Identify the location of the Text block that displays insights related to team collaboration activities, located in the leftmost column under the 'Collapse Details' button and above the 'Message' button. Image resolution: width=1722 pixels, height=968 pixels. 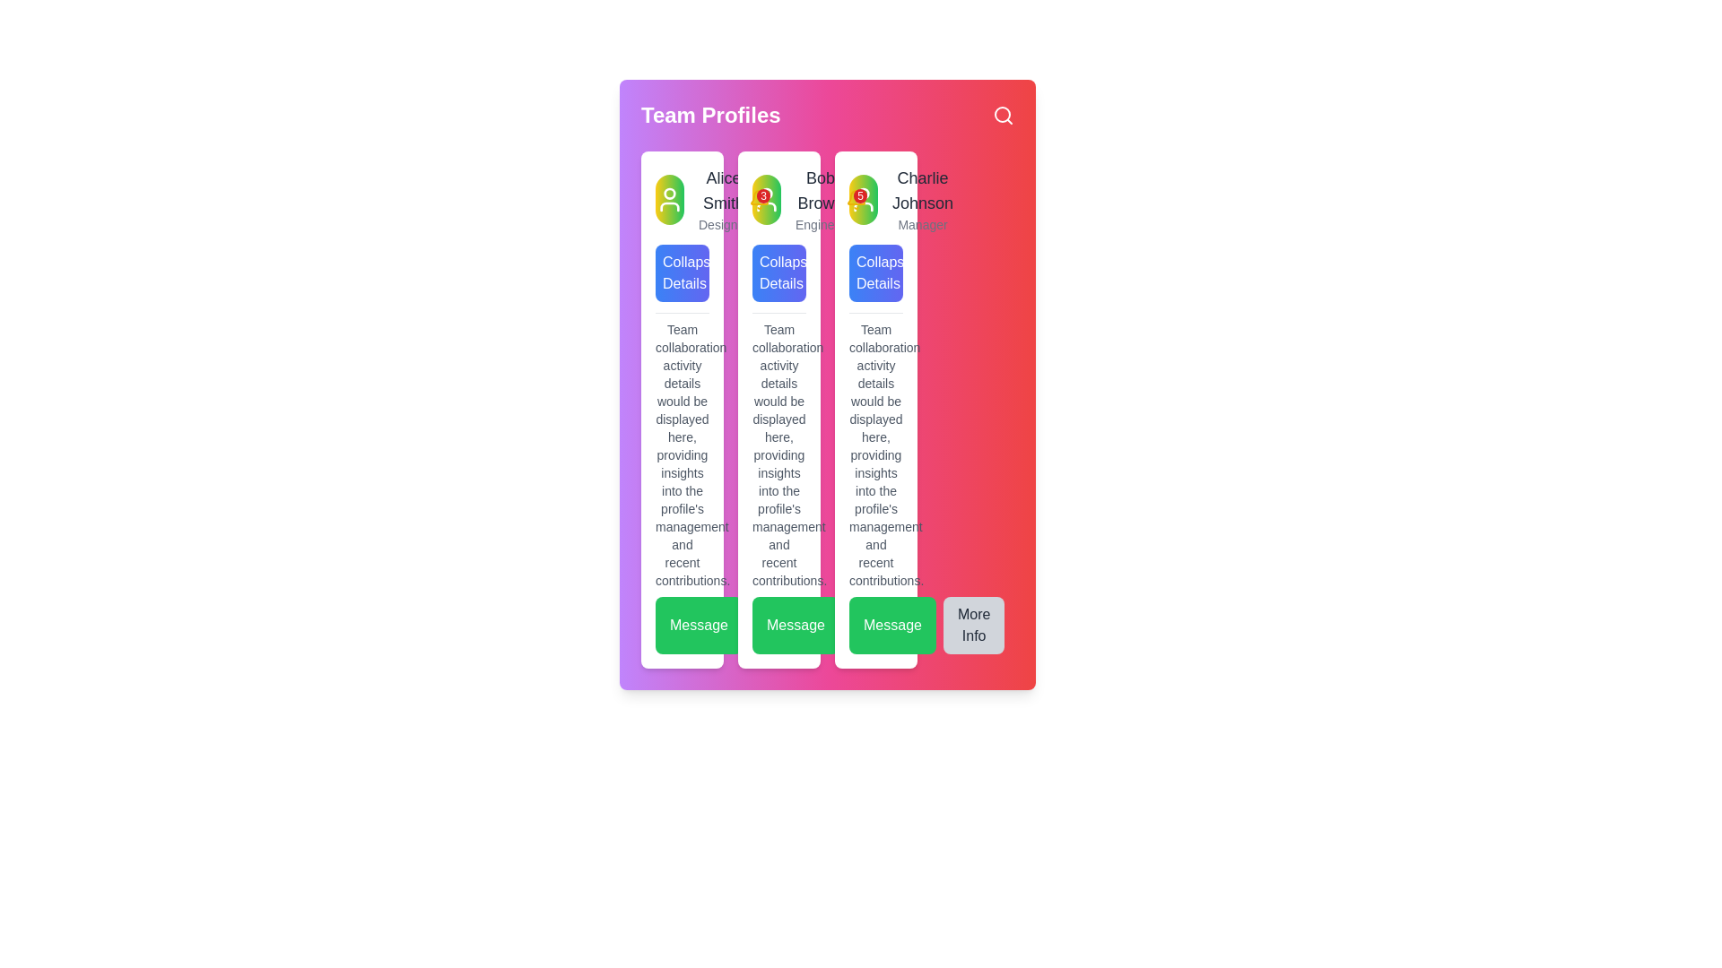
(682, 454).